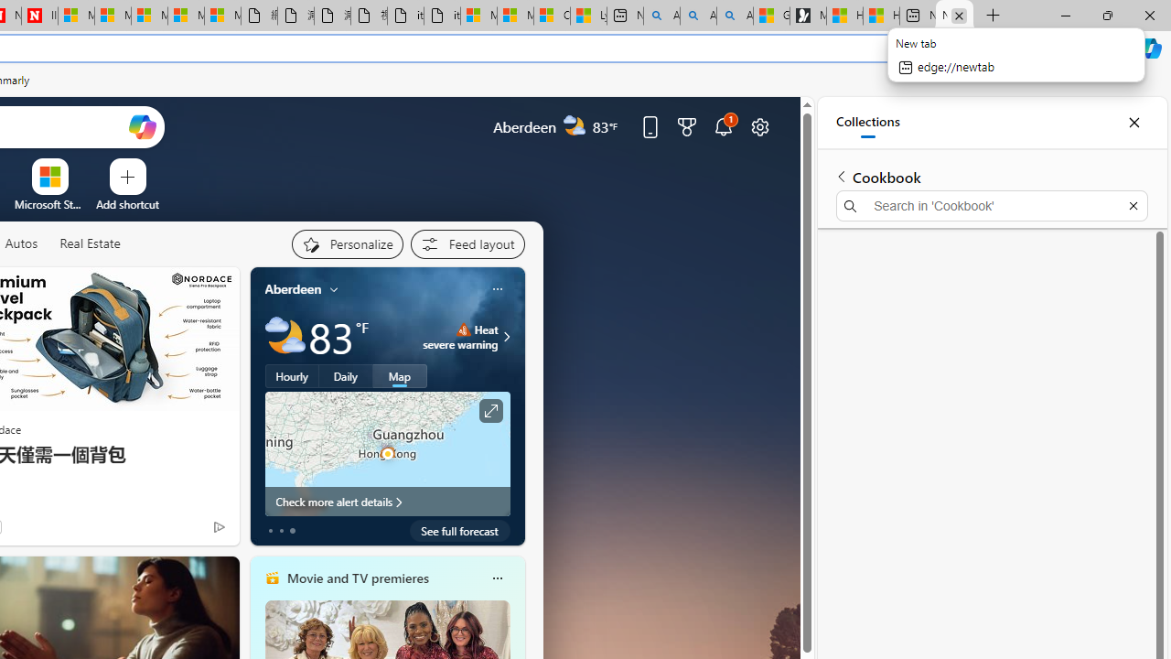 The width and height of the screenshot is (1171, 659). Describe the element at coordinates (723, 125) in the screenshot. I see `'Notifications'` at that location.